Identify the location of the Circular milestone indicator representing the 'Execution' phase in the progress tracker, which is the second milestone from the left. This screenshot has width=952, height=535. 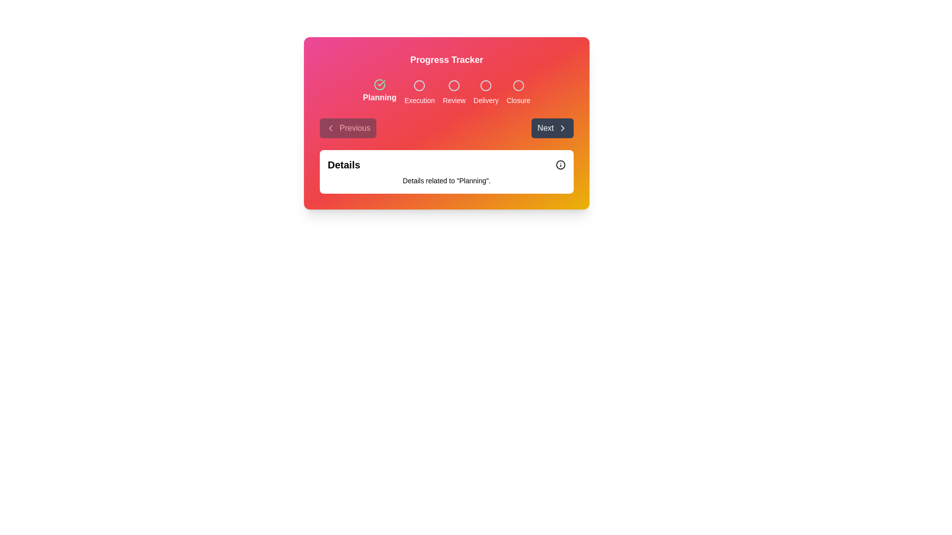
(419, 85).